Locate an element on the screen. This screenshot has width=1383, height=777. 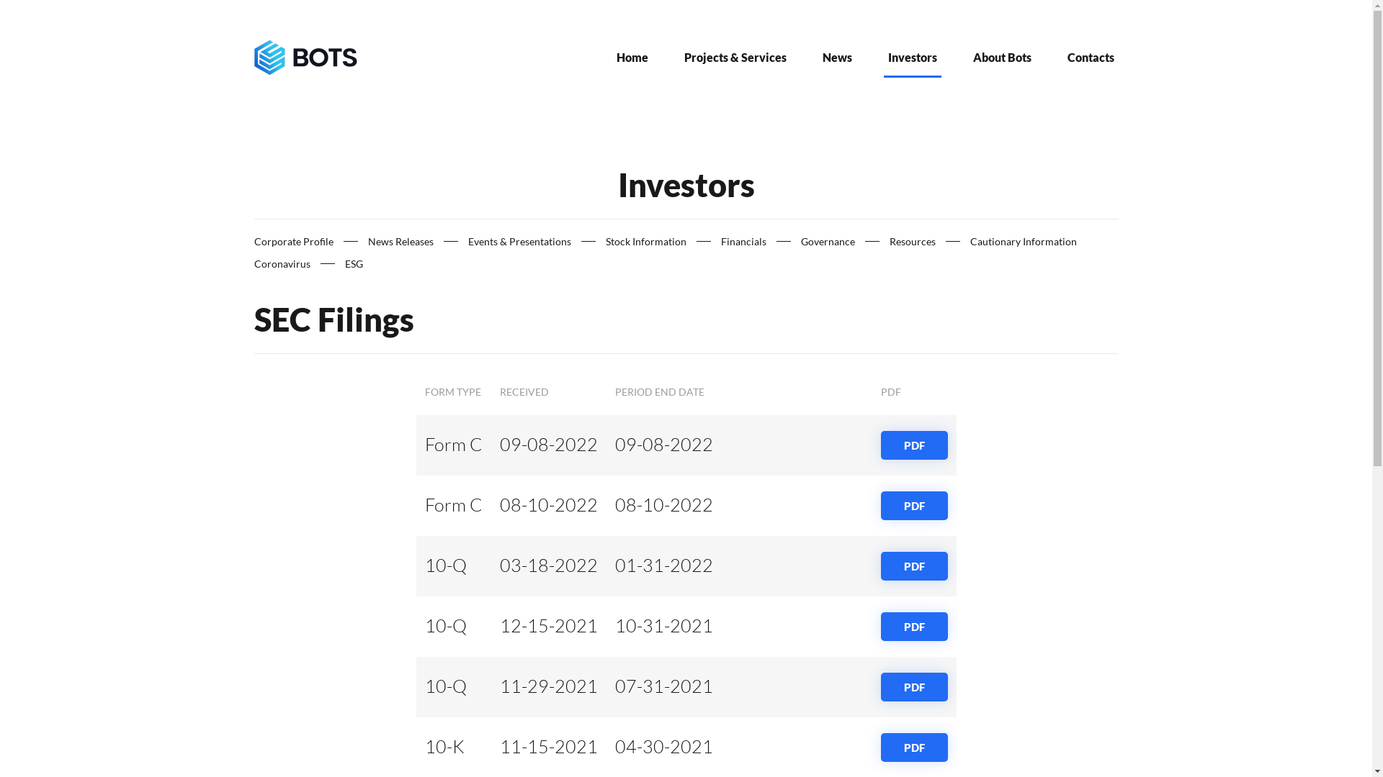
'PDF' is located at coordinates (913, 746).